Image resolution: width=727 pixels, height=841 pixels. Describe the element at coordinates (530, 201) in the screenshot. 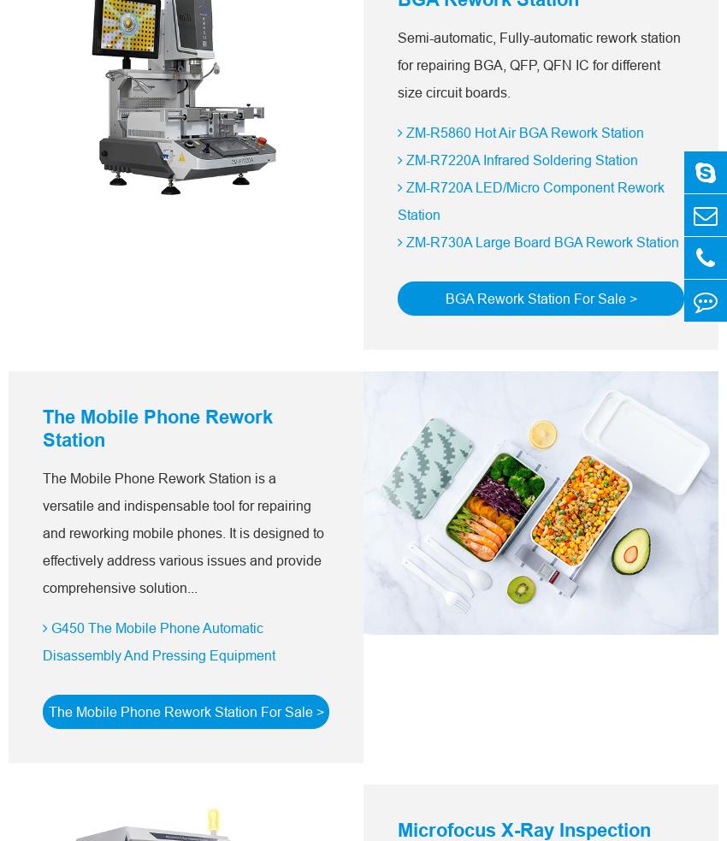

I see `'ZM-R720A LED/Micro Component Rework Station'` at that location.